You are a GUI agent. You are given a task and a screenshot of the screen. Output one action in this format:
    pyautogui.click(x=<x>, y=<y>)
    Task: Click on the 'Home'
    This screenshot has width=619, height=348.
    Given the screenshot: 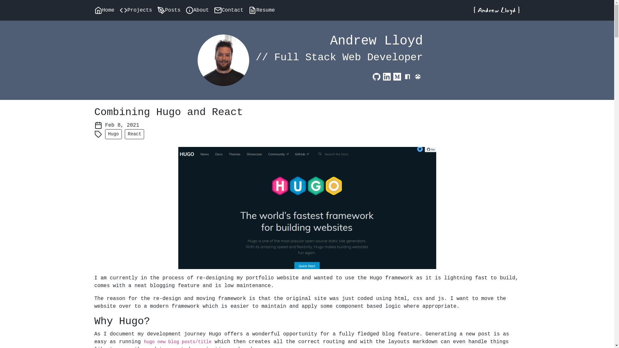 What is the action you would take?
    pyautogui.click(x=94, y=10)
    